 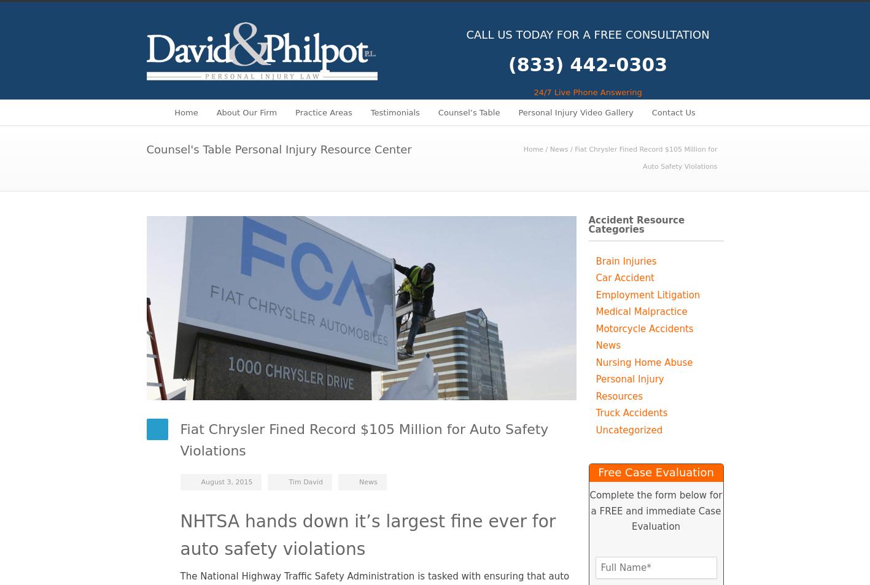 What do you see at coordinates (628, 429) in the screenshot?
I see `'Uncategorized'` at bounding box center [628, 429].